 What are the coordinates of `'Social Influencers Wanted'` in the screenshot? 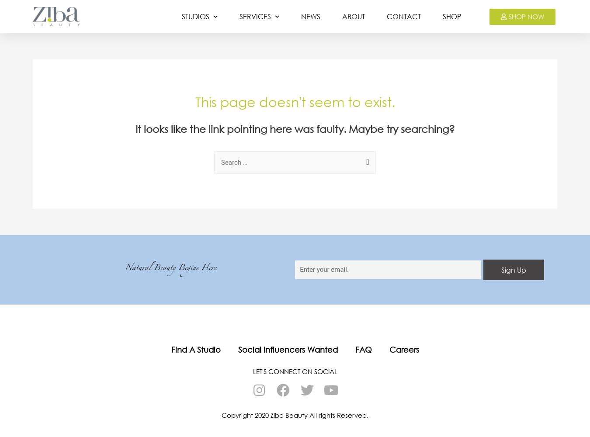 It's located at (287, 349).